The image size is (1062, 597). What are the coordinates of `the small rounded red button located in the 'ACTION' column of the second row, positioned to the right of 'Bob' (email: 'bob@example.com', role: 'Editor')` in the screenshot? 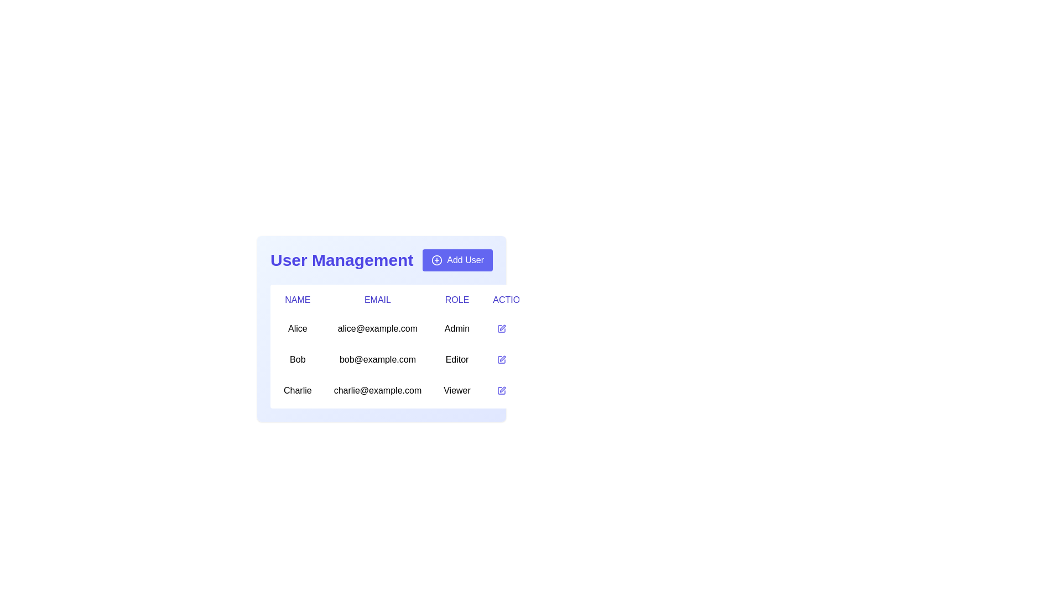 It's located at (523, 360).